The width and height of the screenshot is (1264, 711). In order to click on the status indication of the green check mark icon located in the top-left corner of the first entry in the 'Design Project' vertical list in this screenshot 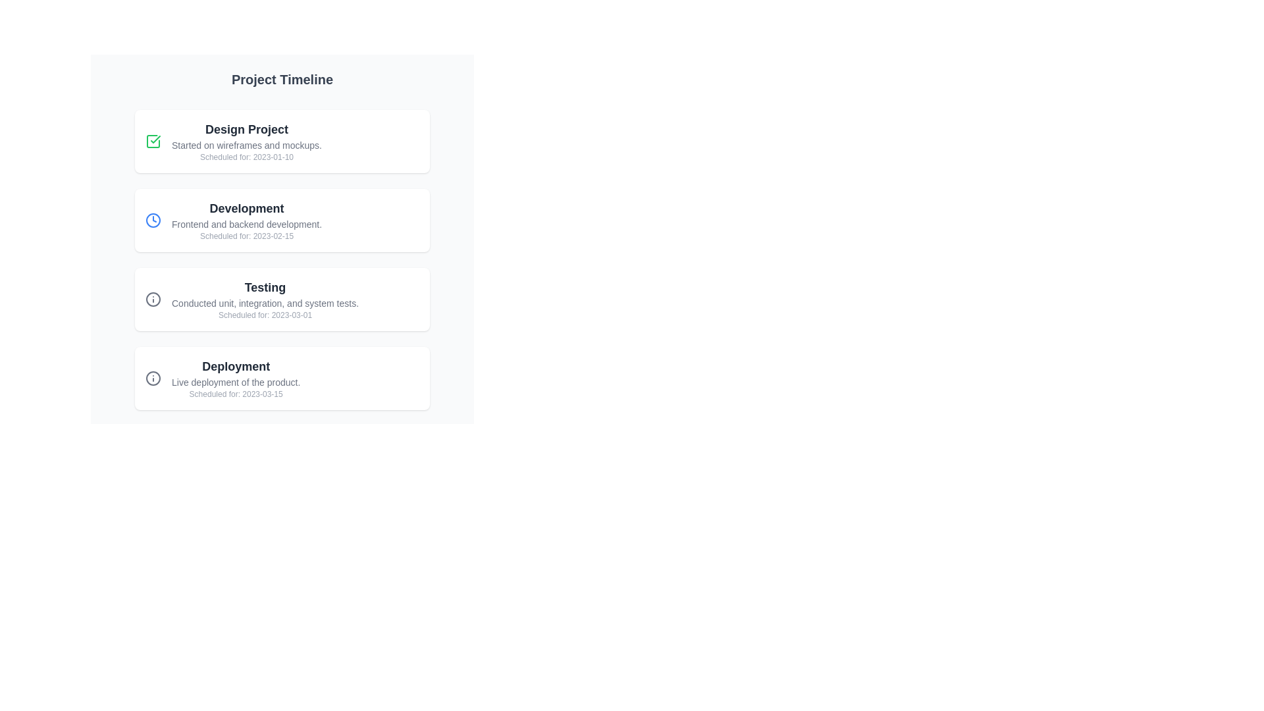, I will do `click(153, 142)`.